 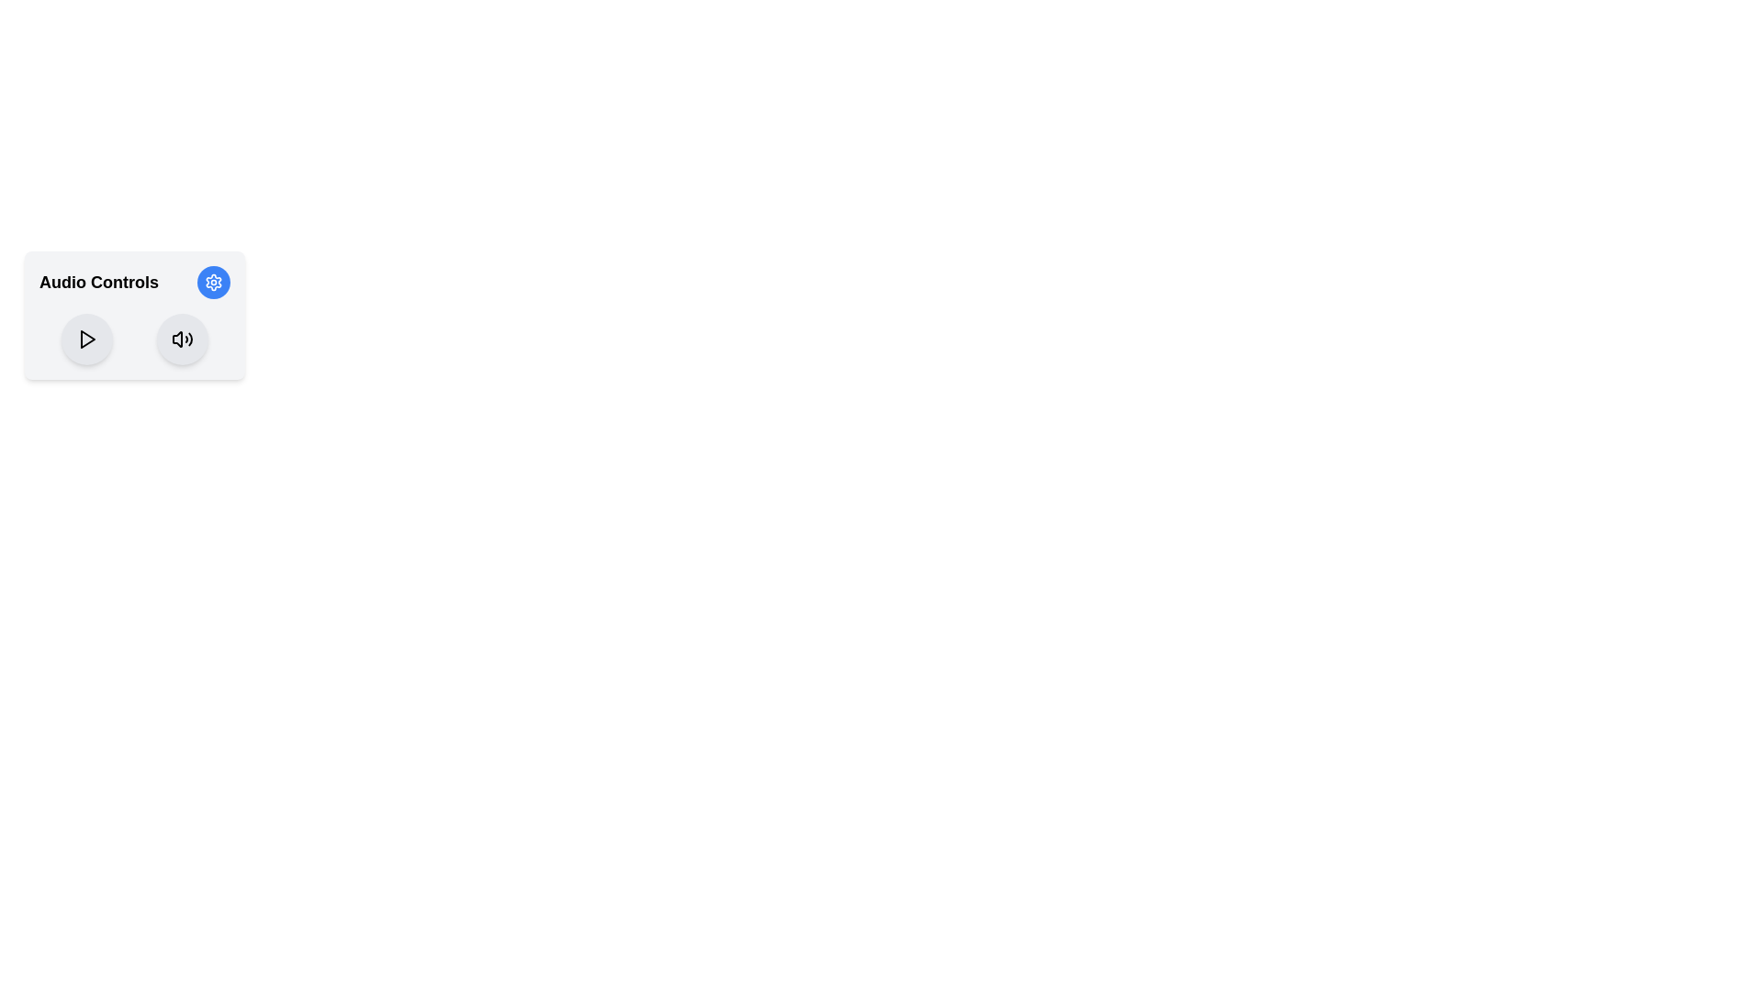 What do you see at coordinates (134, 283) in the screenshot?
I see `or interpret the 'Audio Controls' label located within the horizontal layout that includes a blue circular button with a settings icon` at bounding box center [134, 283].